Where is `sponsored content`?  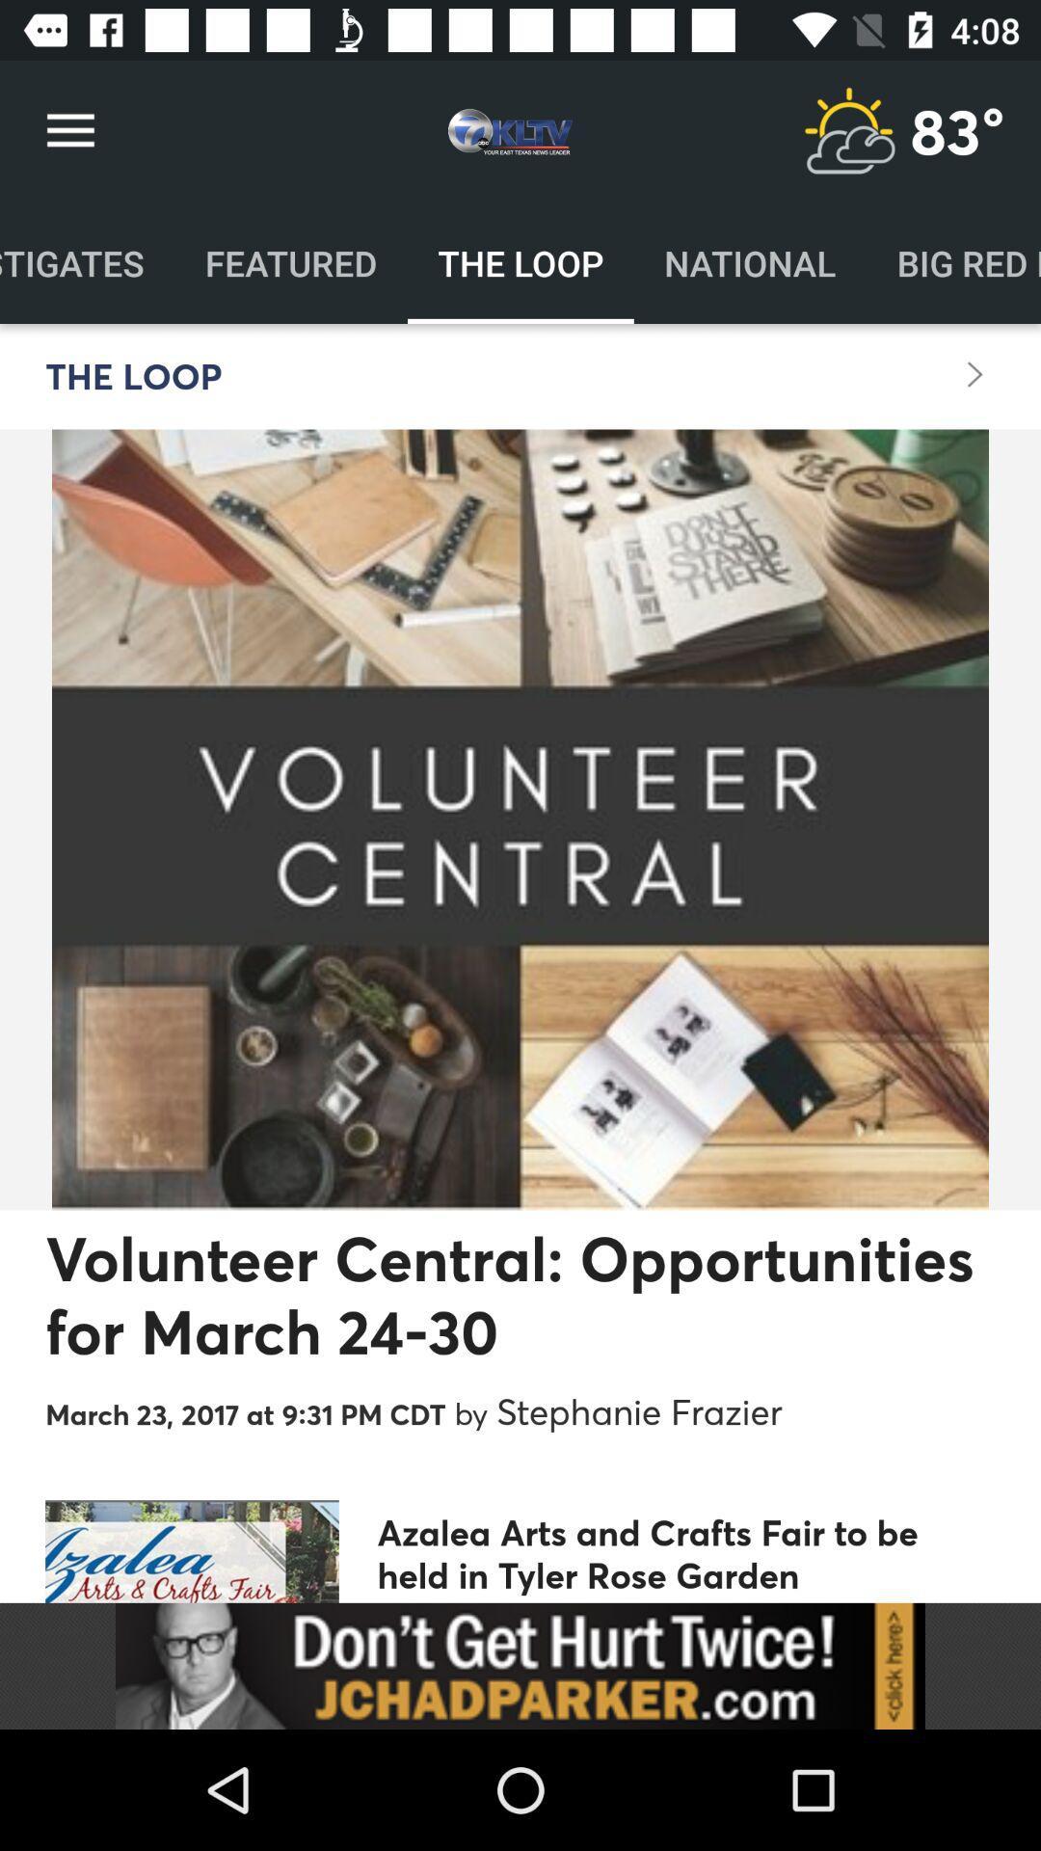
sponsored content is located at coordinates (520, 1665).